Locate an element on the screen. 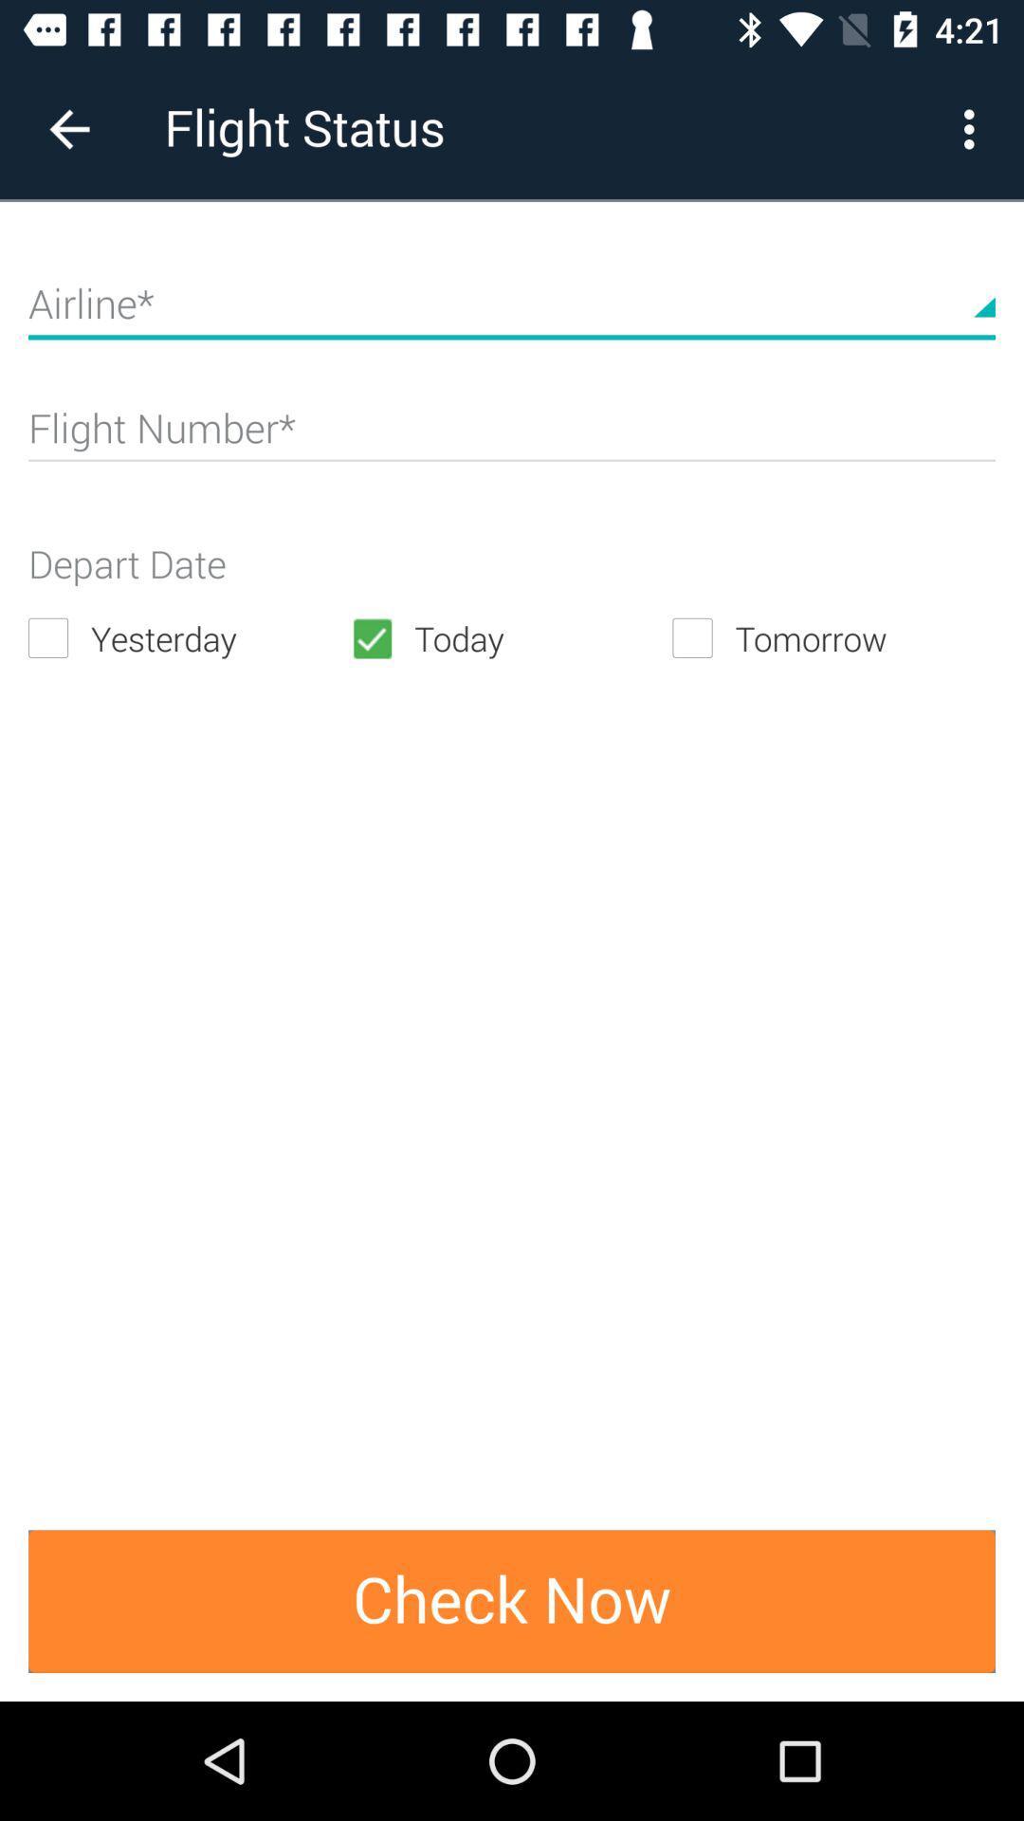 The height and width of the screenshot is (1821, 1024). the icon on the left is located at coordinates (189, 638).